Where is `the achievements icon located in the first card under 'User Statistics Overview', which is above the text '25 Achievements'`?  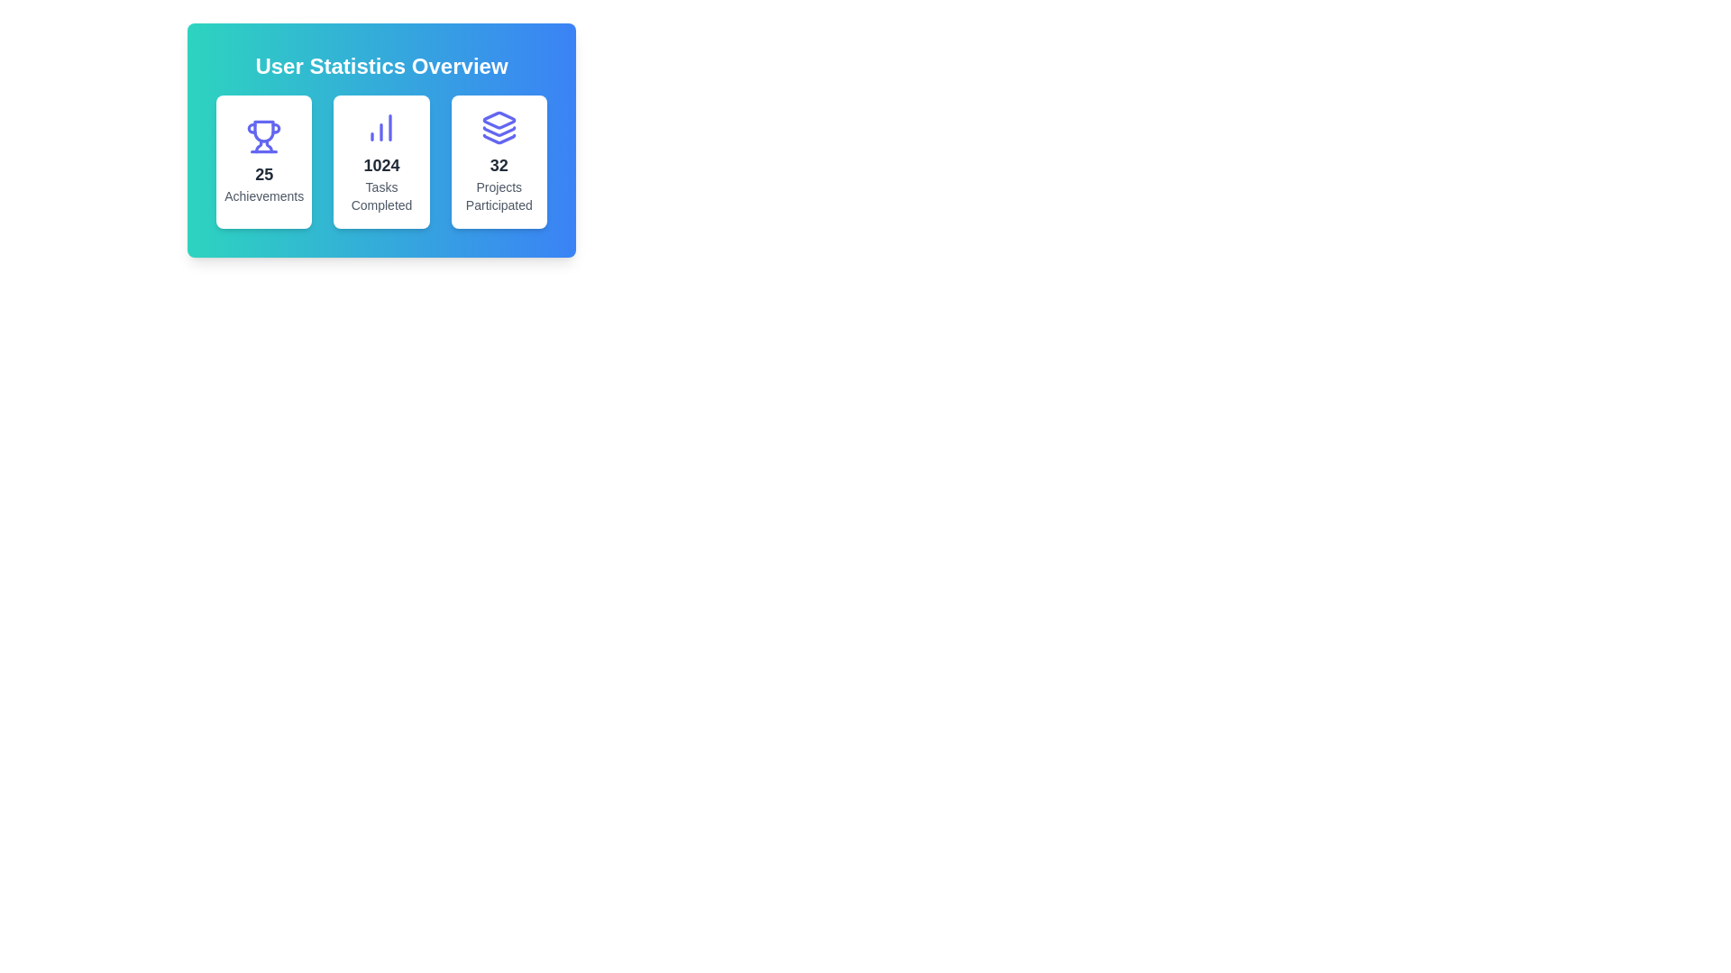 the achievements icon located in the first card under 'User Statistics Overview', which is above the text '25 Achievements' is located at coordinates (263, 131).